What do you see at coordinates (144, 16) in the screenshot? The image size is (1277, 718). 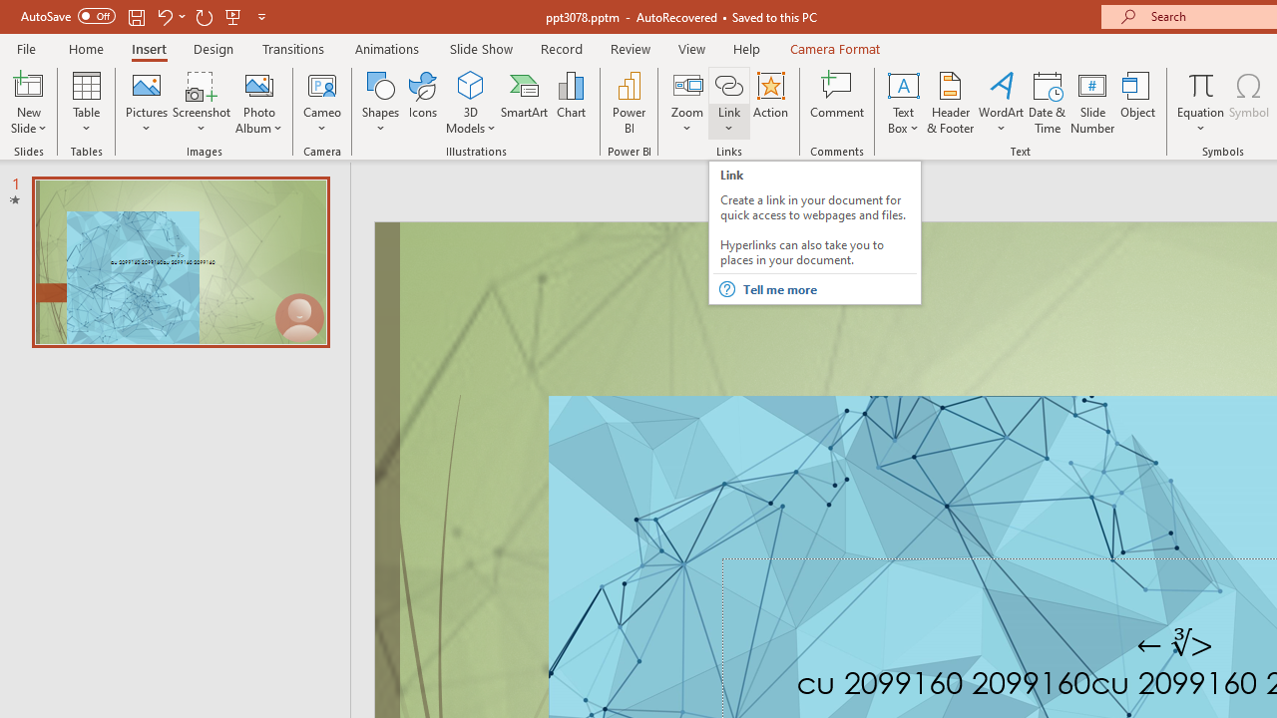 I see `'Quick Access Toolbar'` at bounding box center [144, 16].